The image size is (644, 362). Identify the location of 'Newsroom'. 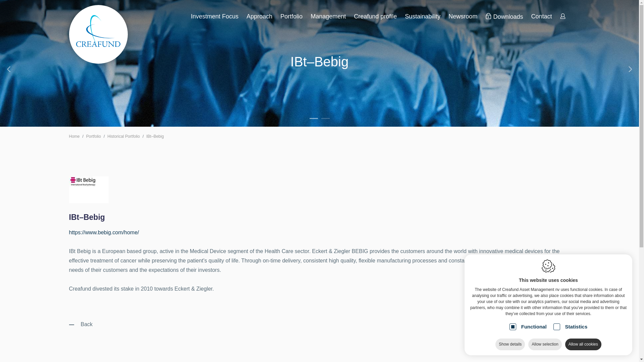
(463, 16).